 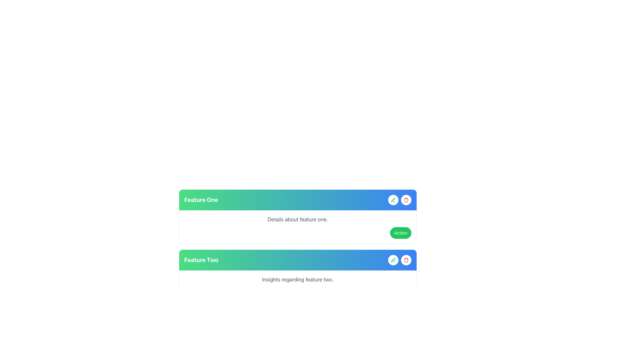 I want to click on the button associated with 'Feature One', so click(x=400, y=233).